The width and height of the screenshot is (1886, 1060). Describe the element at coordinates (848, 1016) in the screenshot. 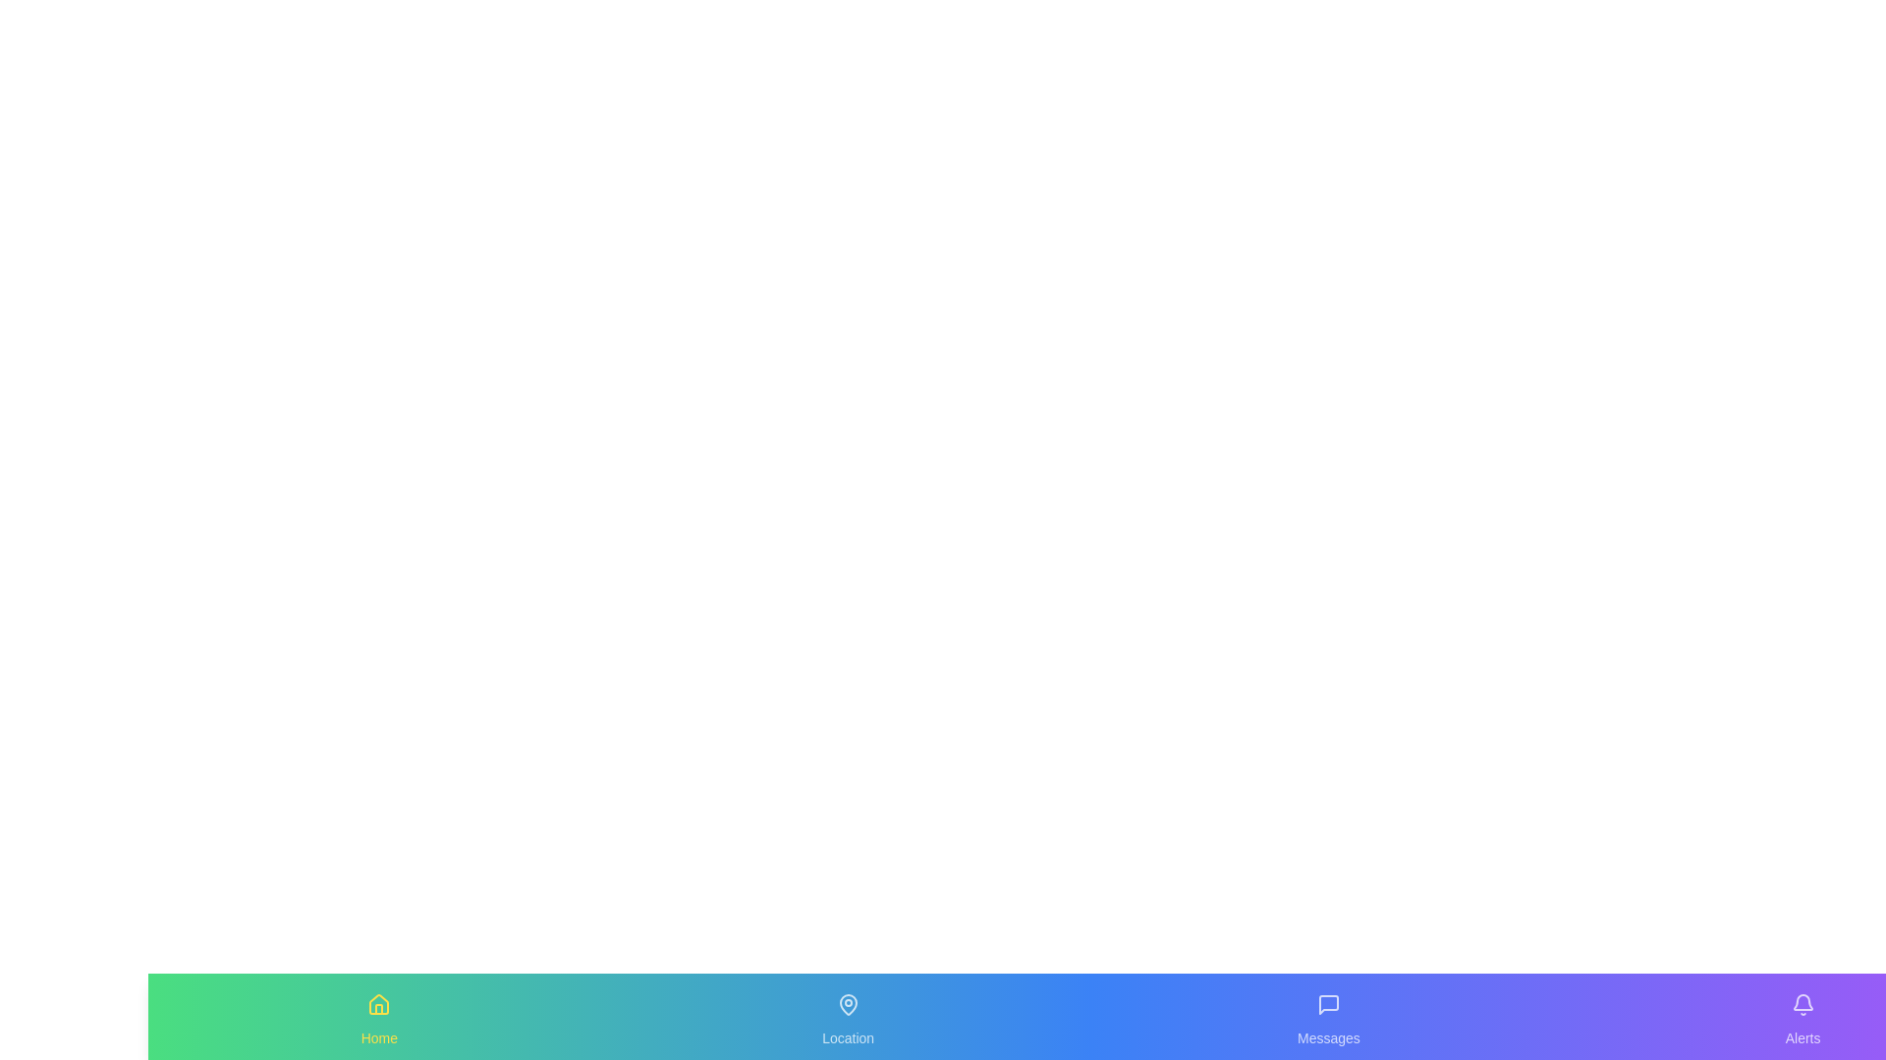

I see `the Location tab by clicking on its icon or label` at that location.